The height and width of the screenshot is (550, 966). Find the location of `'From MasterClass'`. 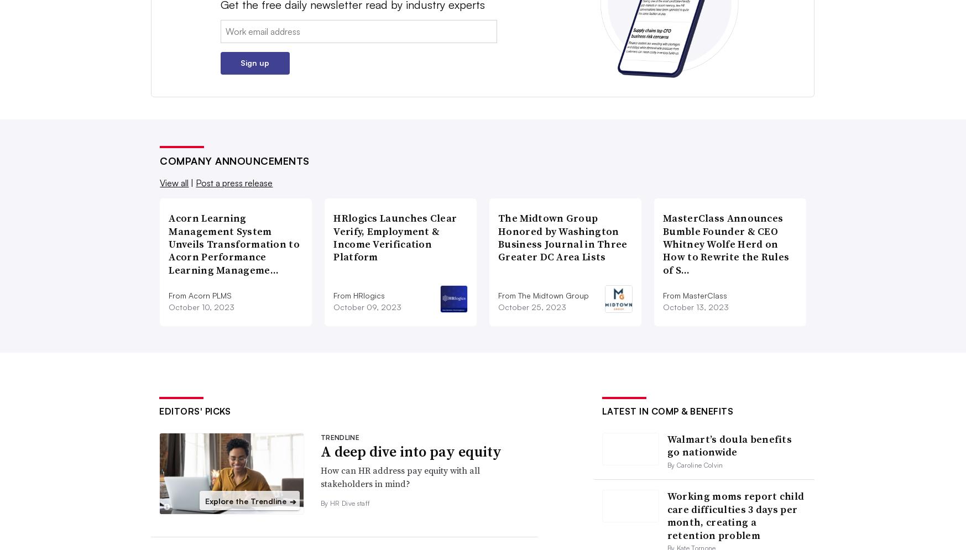

'From MasterClass' is located at coordinates (695, 295).